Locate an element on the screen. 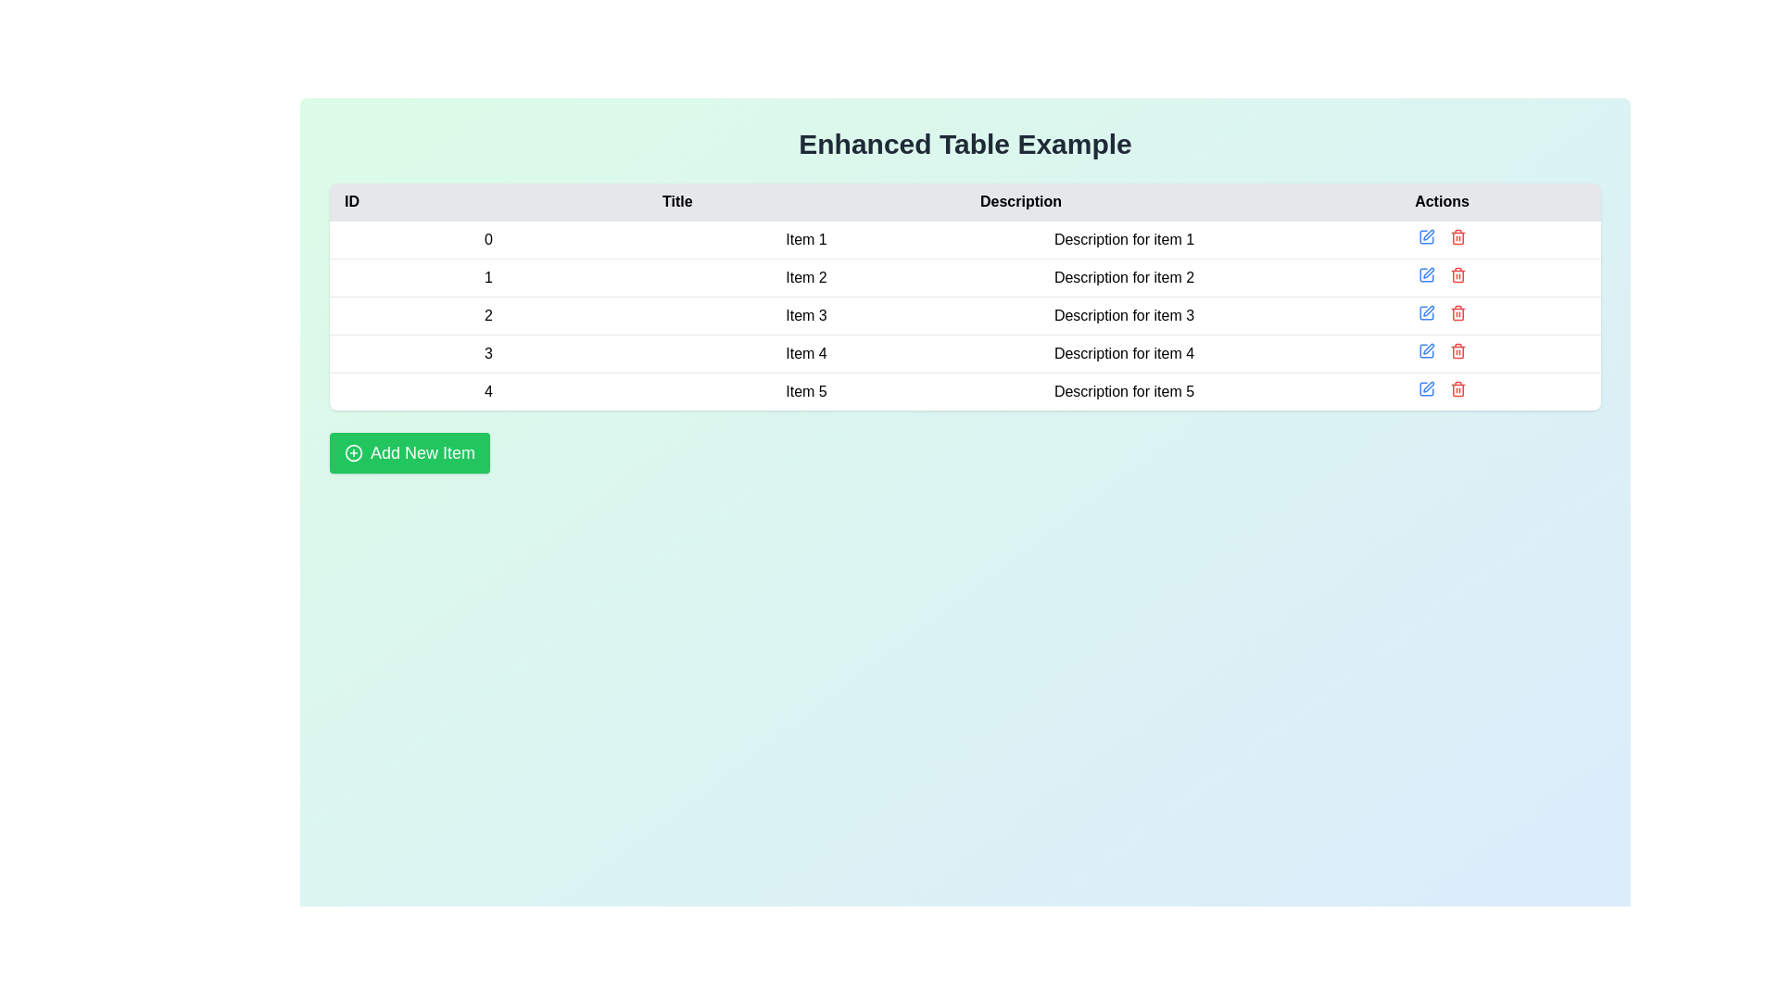  the edit icon located in the 'Actions' column of the first row in the table is located at coordinates (1425, 235).